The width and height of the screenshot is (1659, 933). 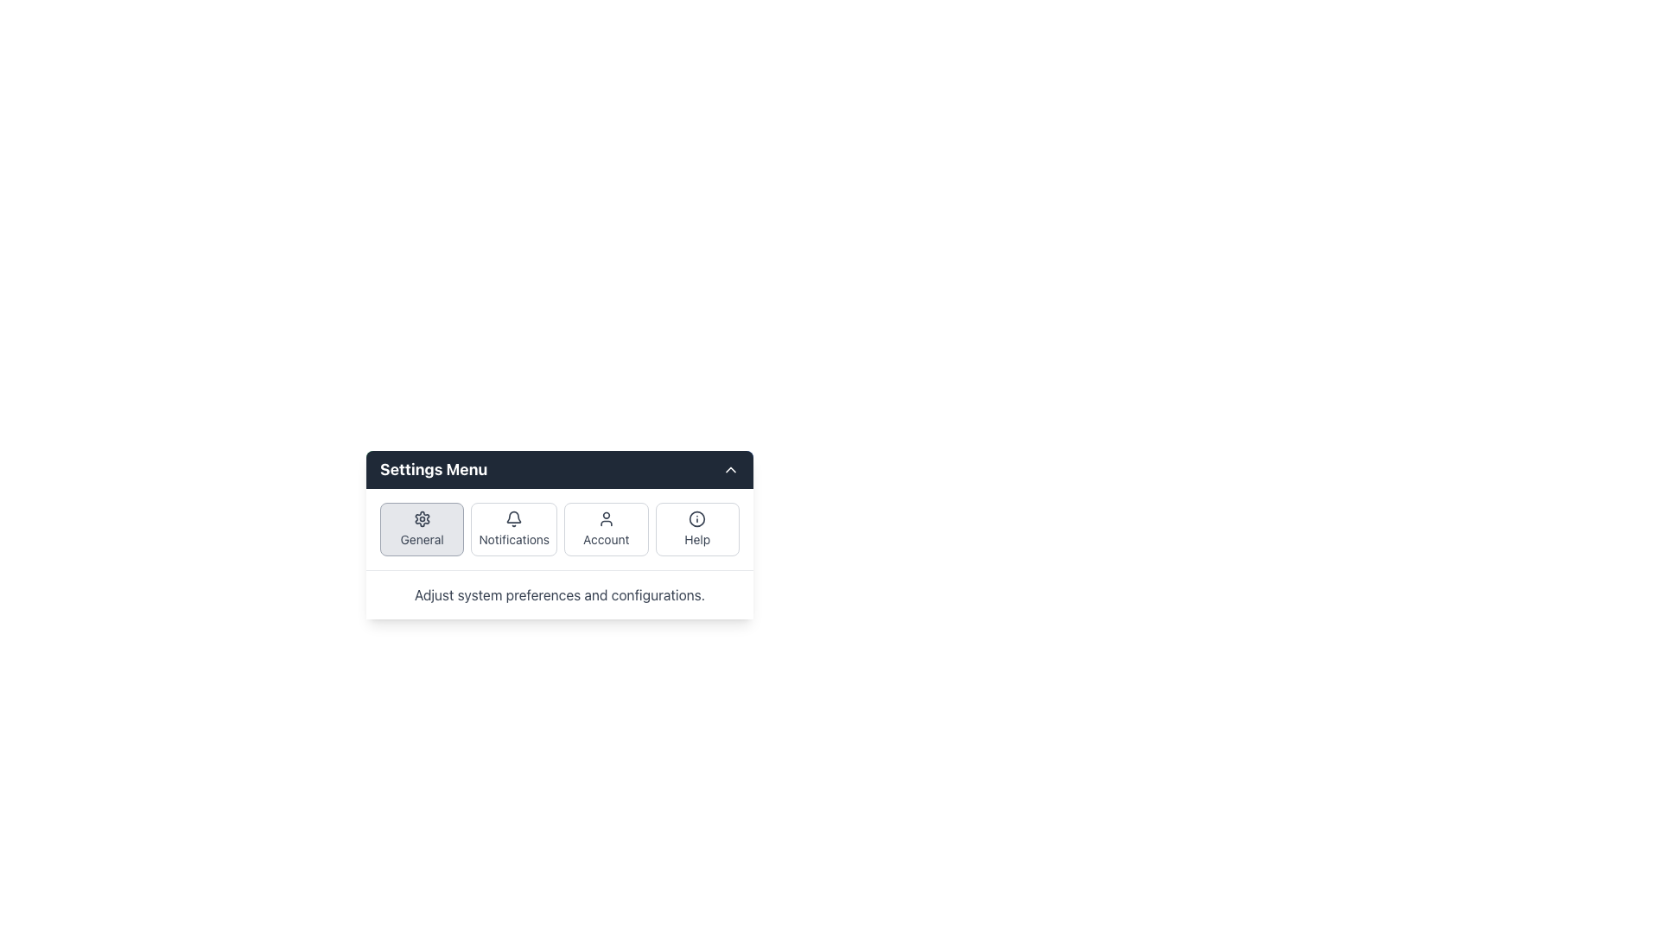 What do you see at coordinates (560, 529) in the screenshot?
I see `the 'Notifications' button in the horizontal navigation bar of the Settings Menu` at bounding box center [560, 529].